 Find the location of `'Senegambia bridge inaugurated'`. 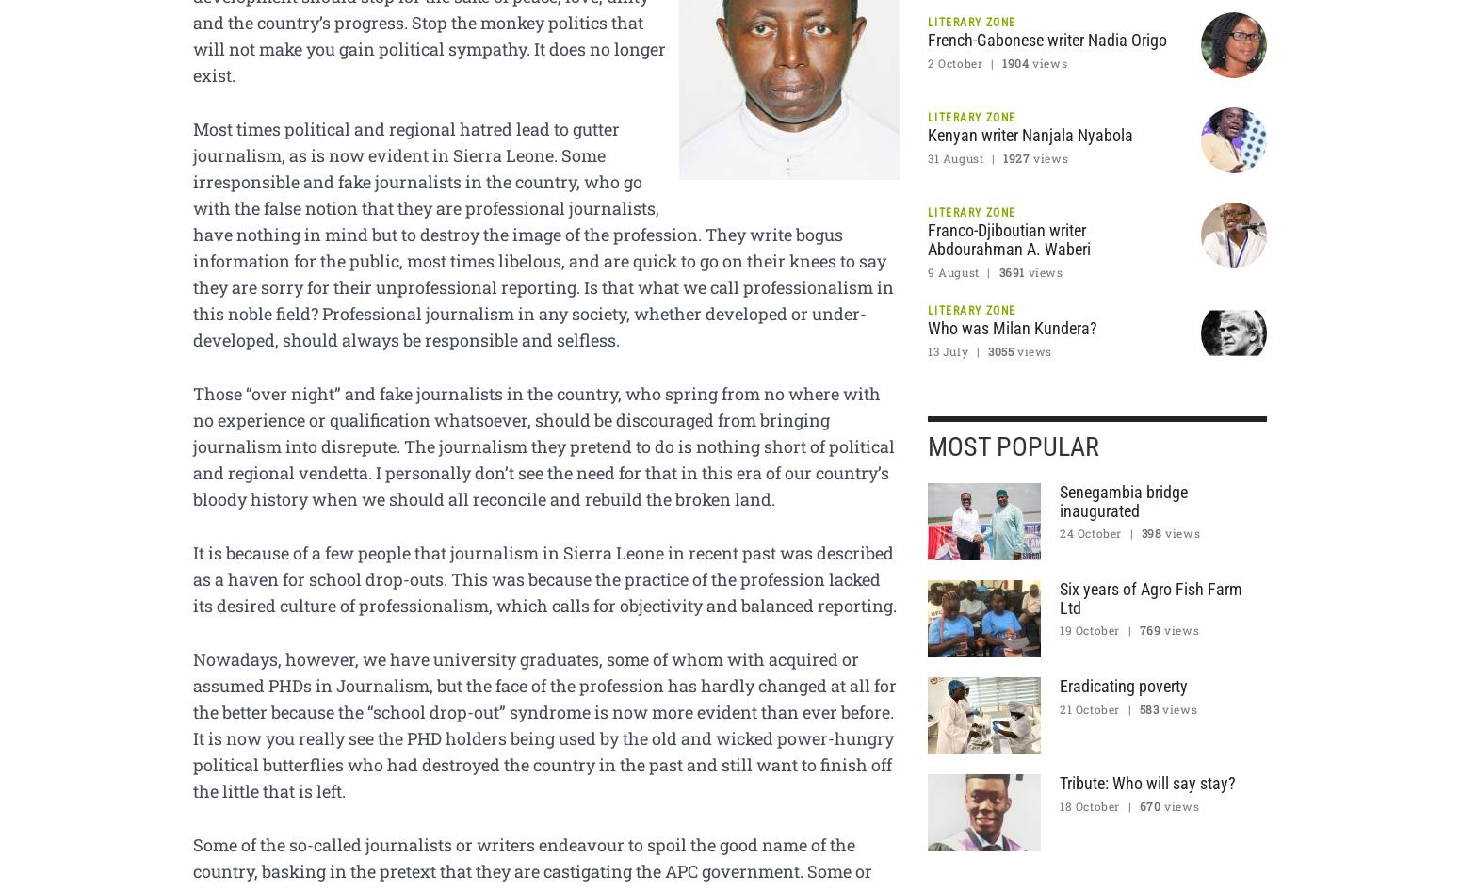

'Senegambia bridge inaugurated' is located at coordinates (1124, 500).